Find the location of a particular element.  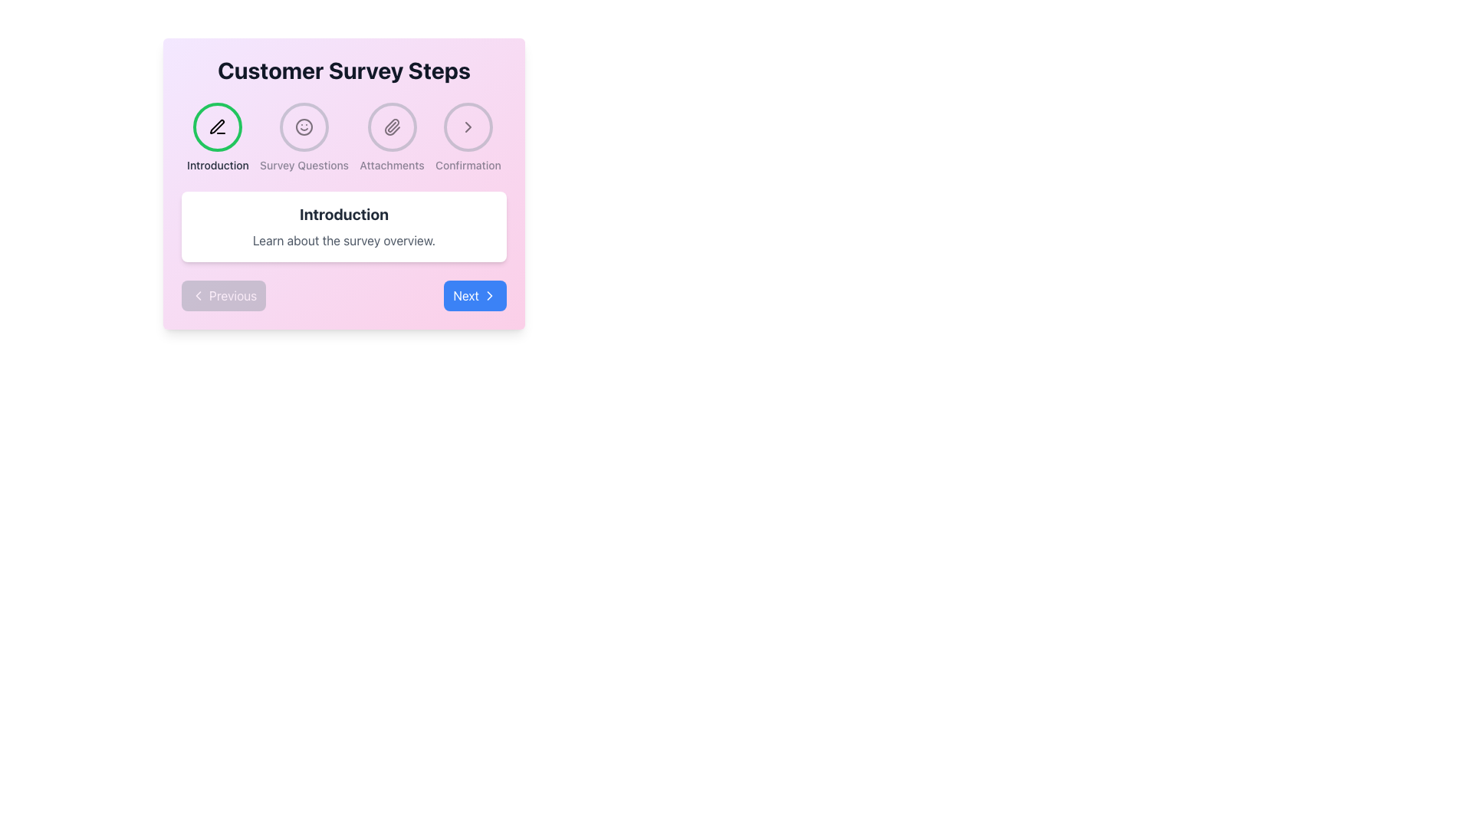

the step of the multi-step navigation panel is located at coordinates (343, 189).